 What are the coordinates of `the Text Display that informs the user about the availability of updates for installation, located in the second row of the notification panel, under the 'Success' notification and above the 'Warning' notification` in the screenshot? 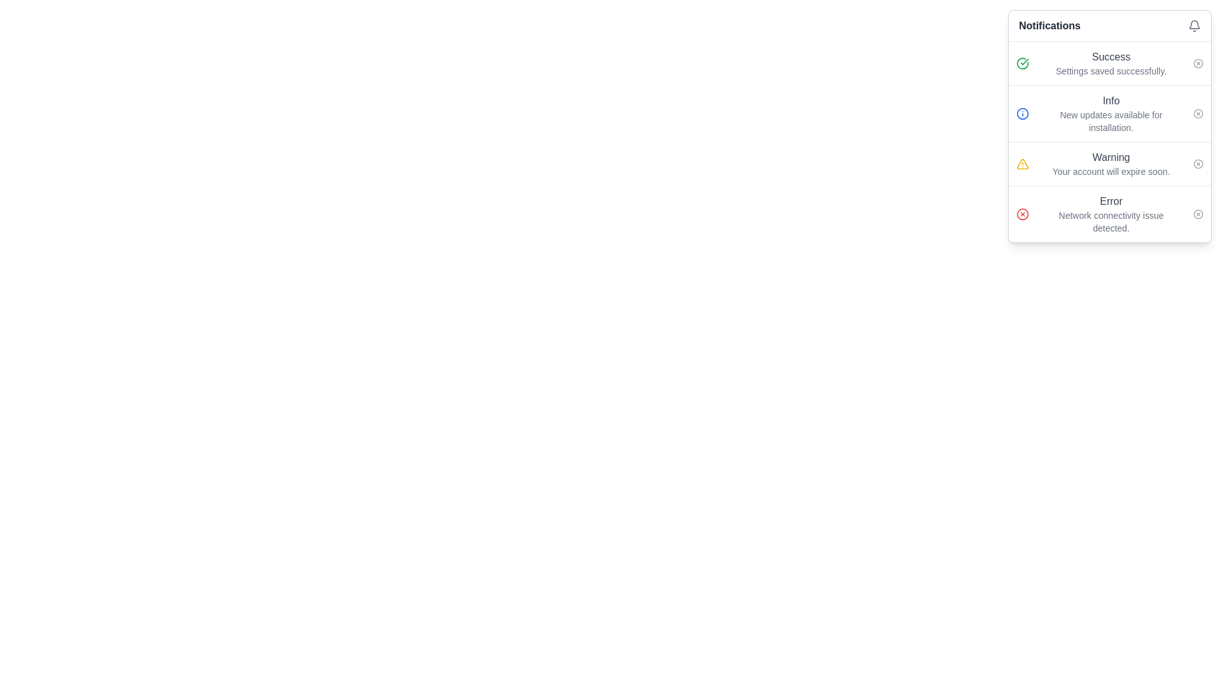 It's located at (1111, 113).